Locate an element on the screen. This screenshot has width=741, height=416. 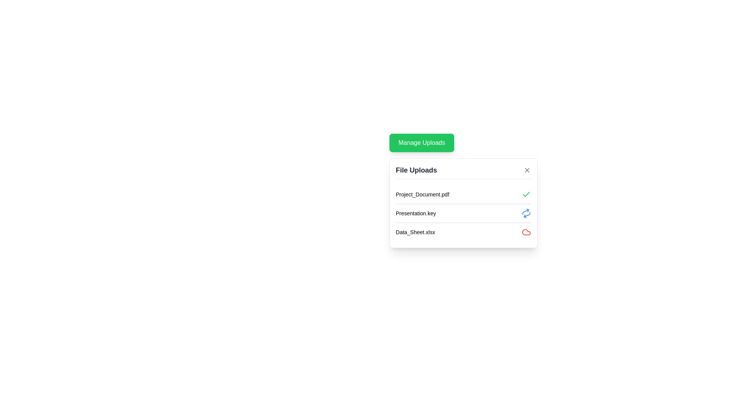
the loading animation of the second file entry in the upload list, which displays the file name 'Presentation.key' and an animated indicator is located at coordinates (463, 213).